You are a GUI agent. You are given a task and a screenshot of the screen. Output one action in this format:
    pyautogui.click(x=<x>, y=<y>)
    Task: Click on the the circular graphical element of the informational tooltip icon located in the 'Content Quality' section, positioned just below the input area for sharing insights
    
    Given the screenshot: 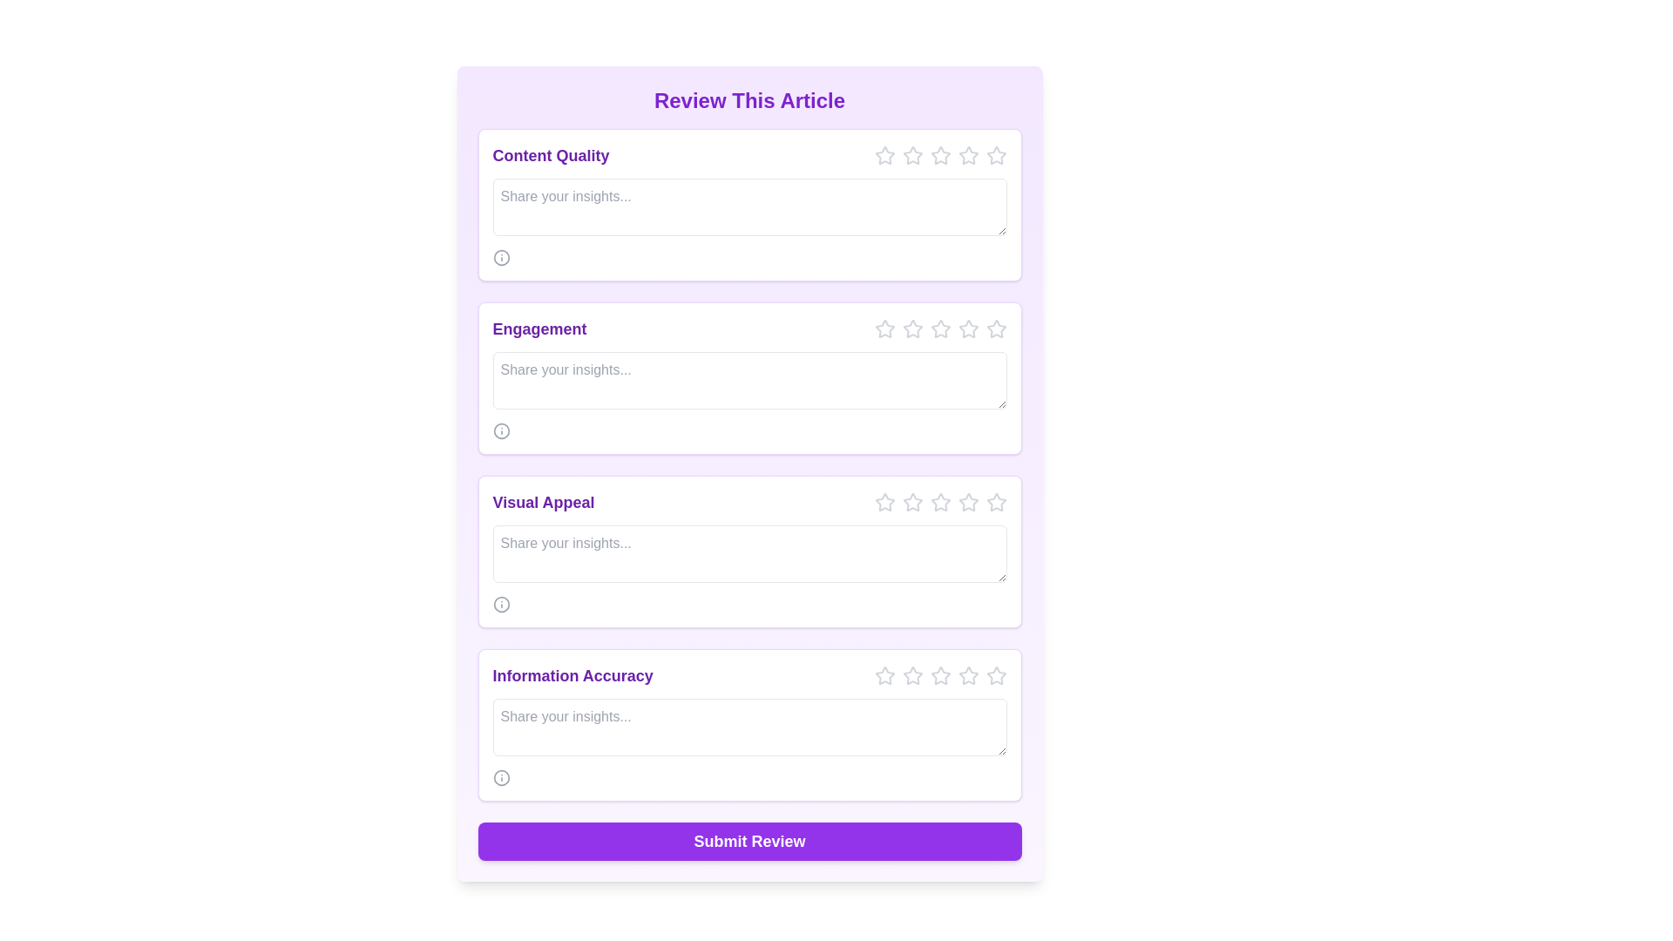 What is the action you would take?
    pyautogui.click(x=500, y=258)
    